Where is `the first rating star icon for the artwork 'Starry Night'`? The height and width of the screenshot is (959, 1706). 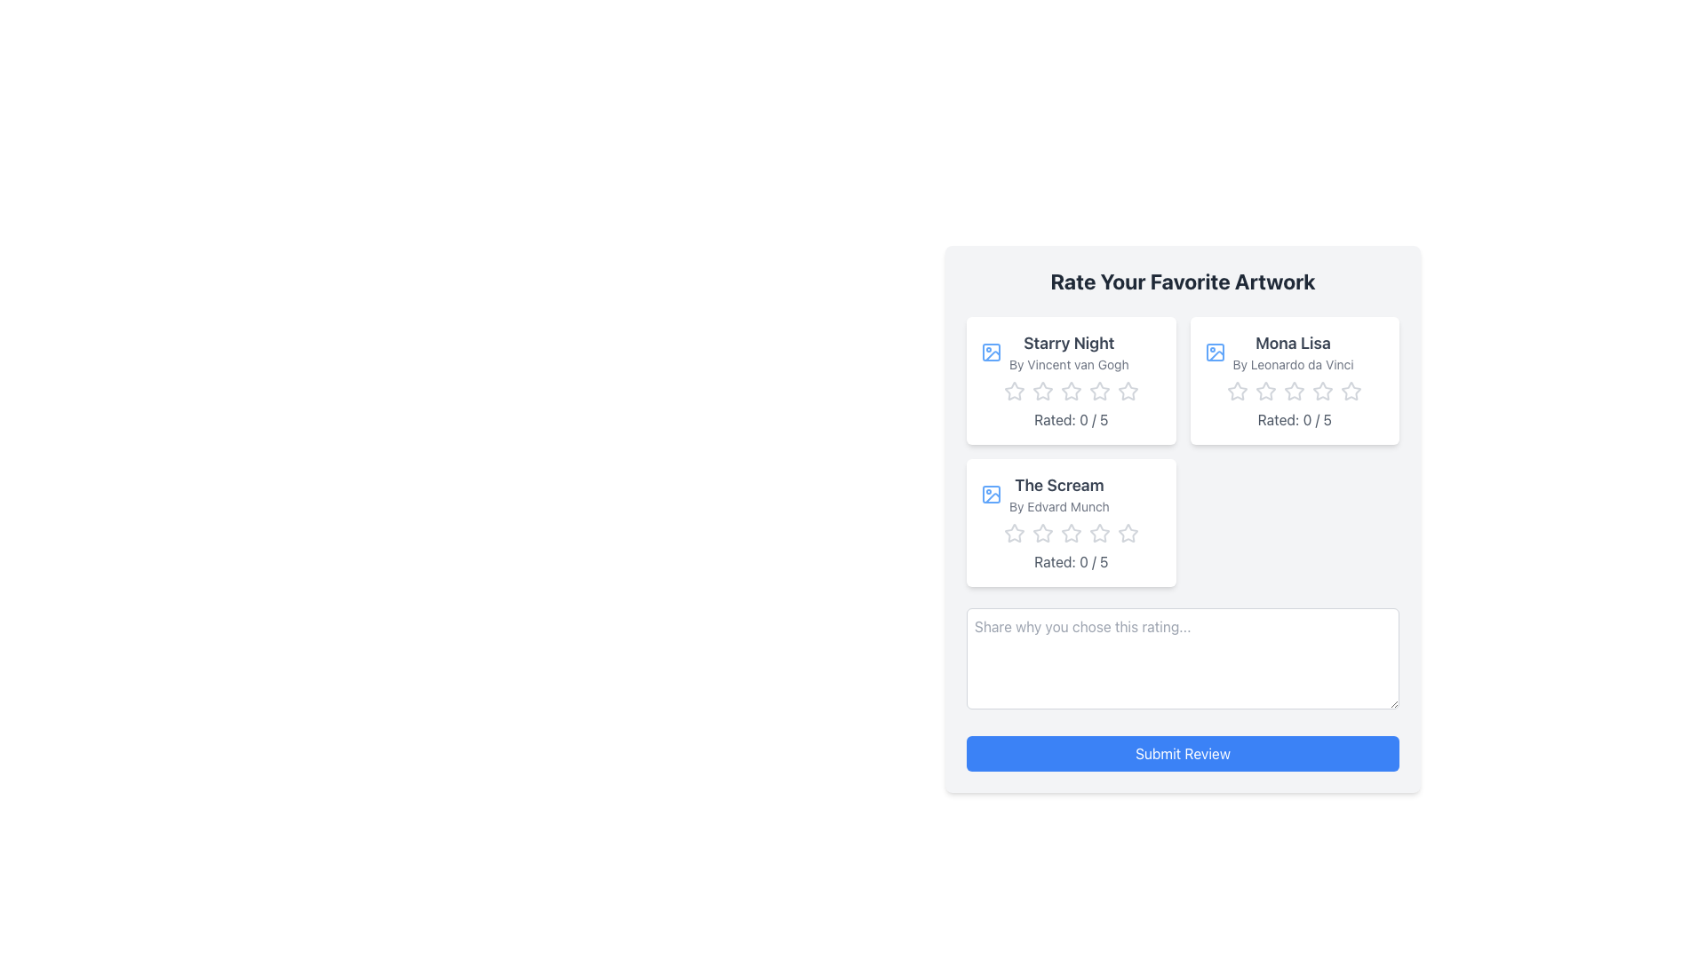 the first rating star icon for the artwork 'Starry Night' is located at coordinates (1014, 390).